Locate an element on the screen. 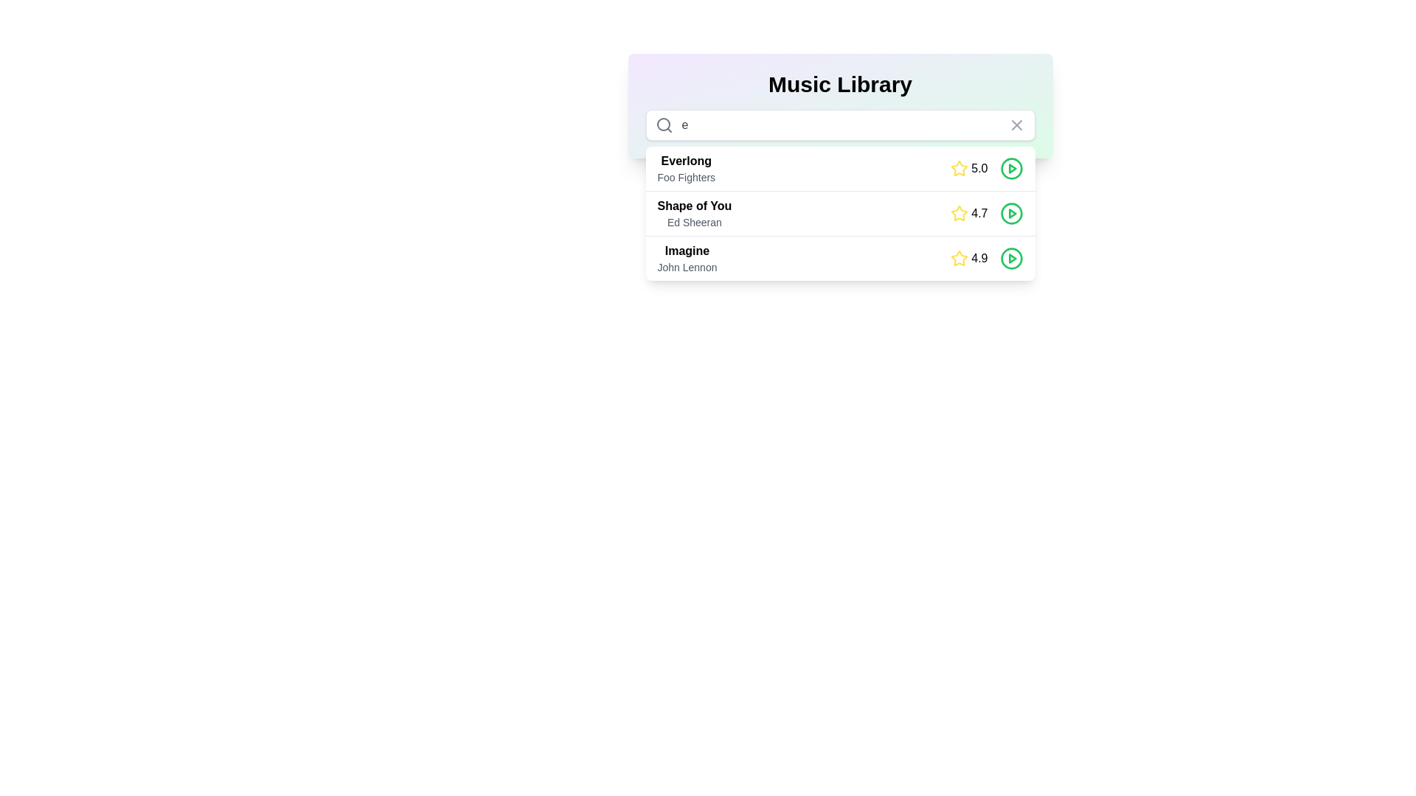 This screenshot has height=796, width=1416. the SVG vector drawing (circle) that is part of the search icon located at the left edge of the input field below the 'Music Library' title is located at coordinates (662, 124).